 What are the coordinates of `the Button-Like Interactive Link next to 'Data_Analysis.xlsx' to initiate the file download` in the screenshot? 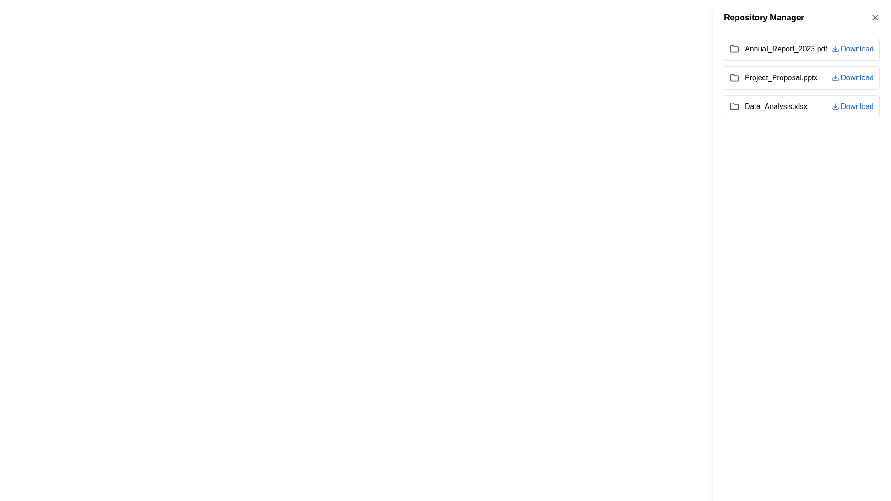 It's located at (852, 106).